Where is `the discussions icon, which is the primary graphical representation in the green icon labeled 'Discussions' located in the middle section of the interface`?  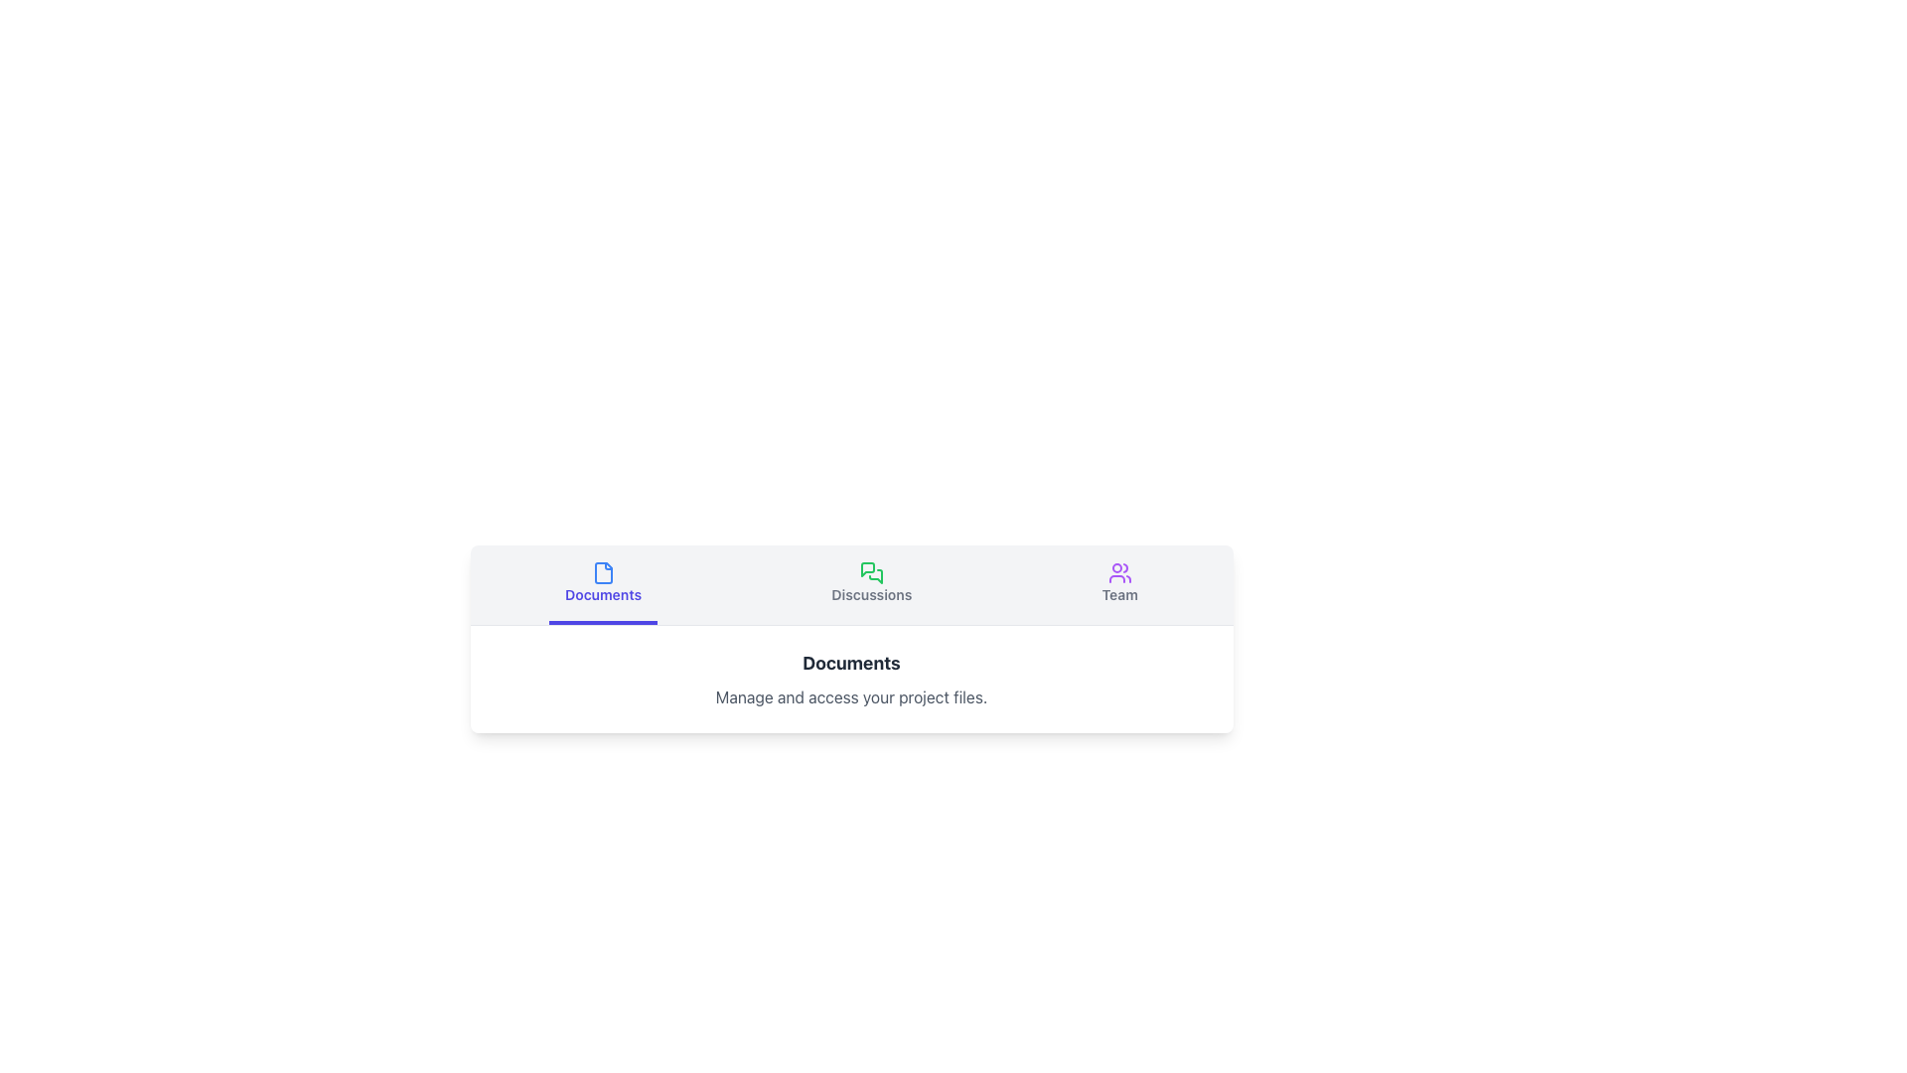
the discussions icon, which is the primary graphical representation in the green icon labeled 'Discussions' located in the middle section of the interface is located at coordinates (867, 569).